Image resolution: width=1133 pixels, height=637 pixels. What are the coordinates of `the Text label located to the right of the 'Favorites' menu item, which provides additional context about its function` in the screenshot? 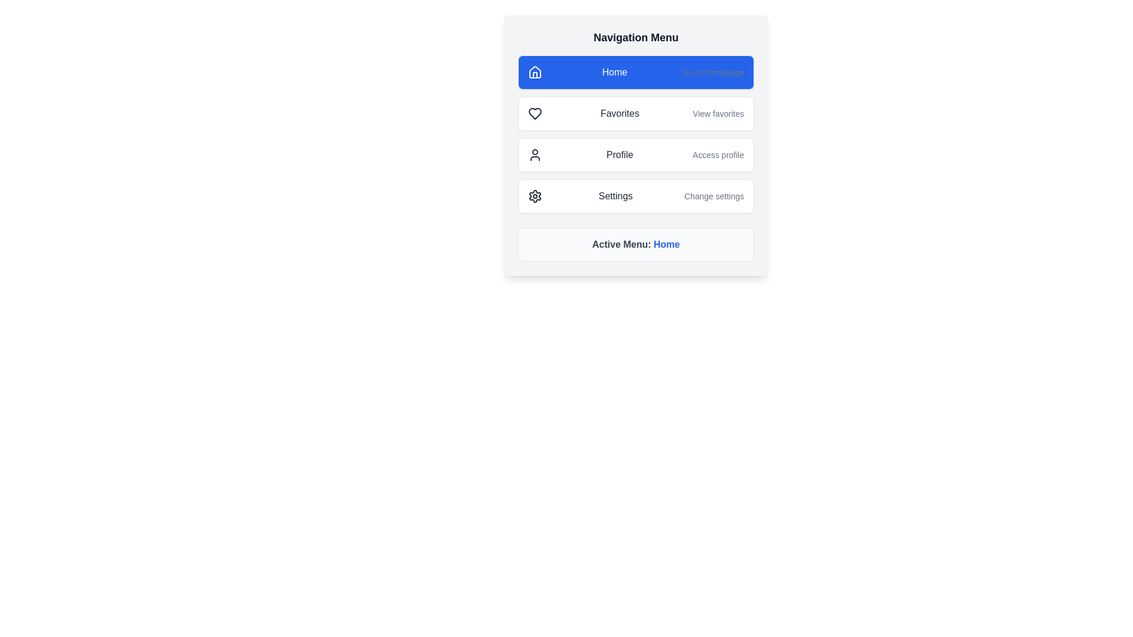 It's located at (718, 113).